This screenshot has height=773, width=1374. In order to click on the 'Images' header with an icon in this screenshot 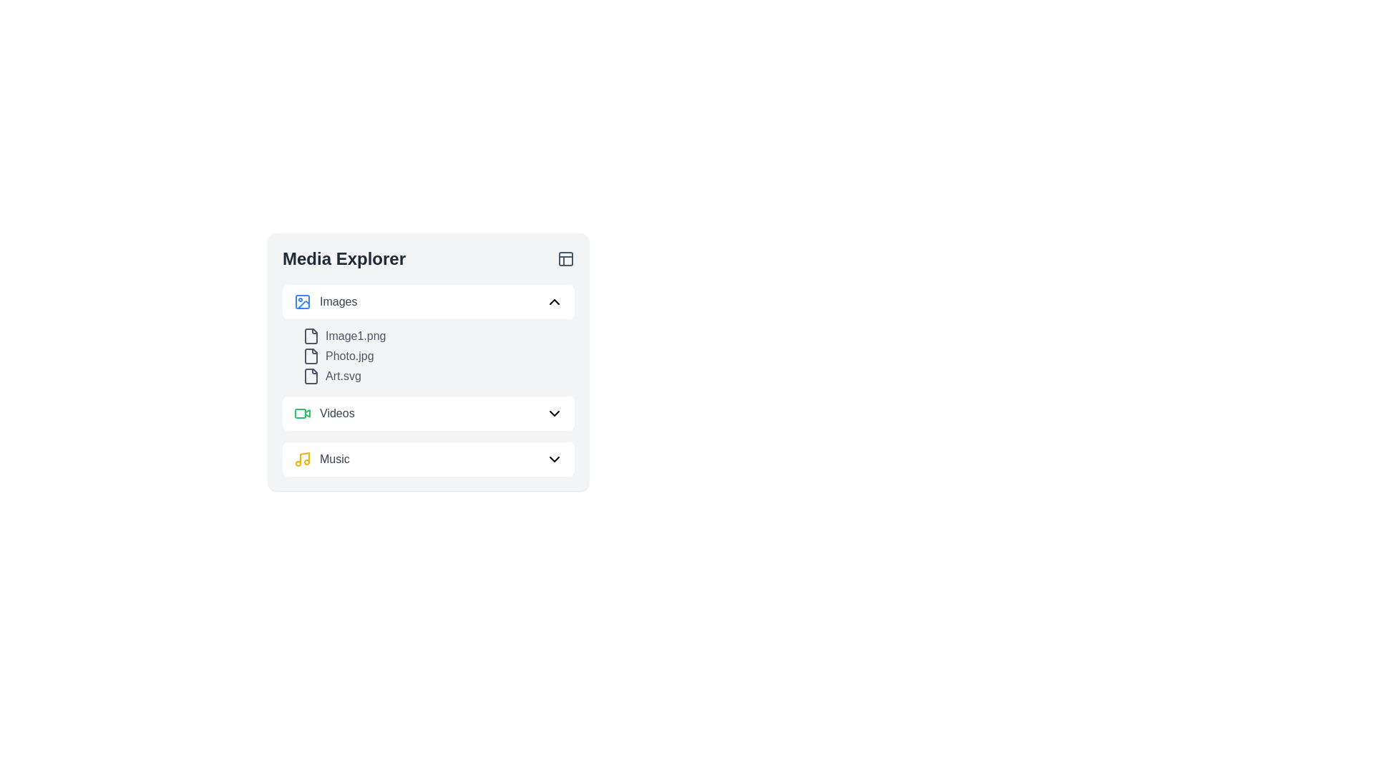, I will do `click(325, 301)`.